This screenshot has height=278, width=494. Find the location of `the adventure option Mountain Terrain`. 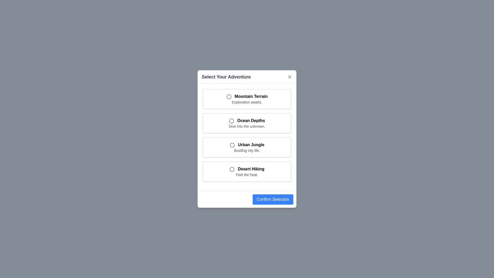

the adventure option Mountain Terrain is located at coordinates (247, 99).